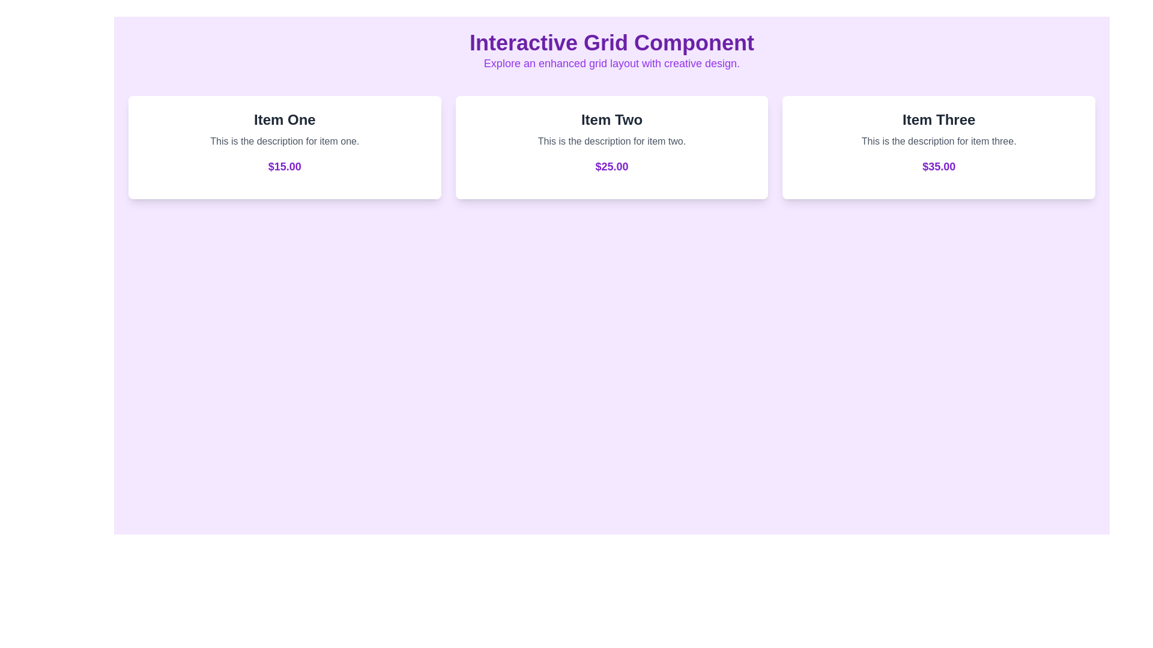  I want to click on the text label displaying 'Item Three', which is centrally aligned in the third card above the descriptive text and price tag, so click(938, 120).